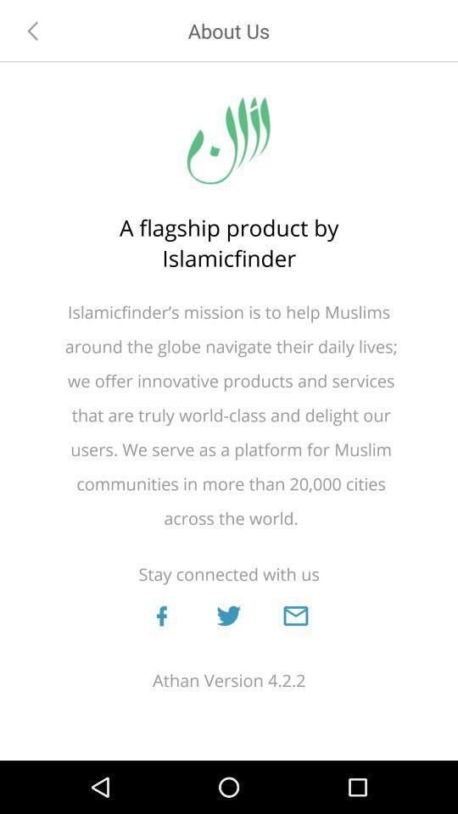 The height and width of the screenshot is (814, 458). I want to click on share on twitter, so click(228, 615).